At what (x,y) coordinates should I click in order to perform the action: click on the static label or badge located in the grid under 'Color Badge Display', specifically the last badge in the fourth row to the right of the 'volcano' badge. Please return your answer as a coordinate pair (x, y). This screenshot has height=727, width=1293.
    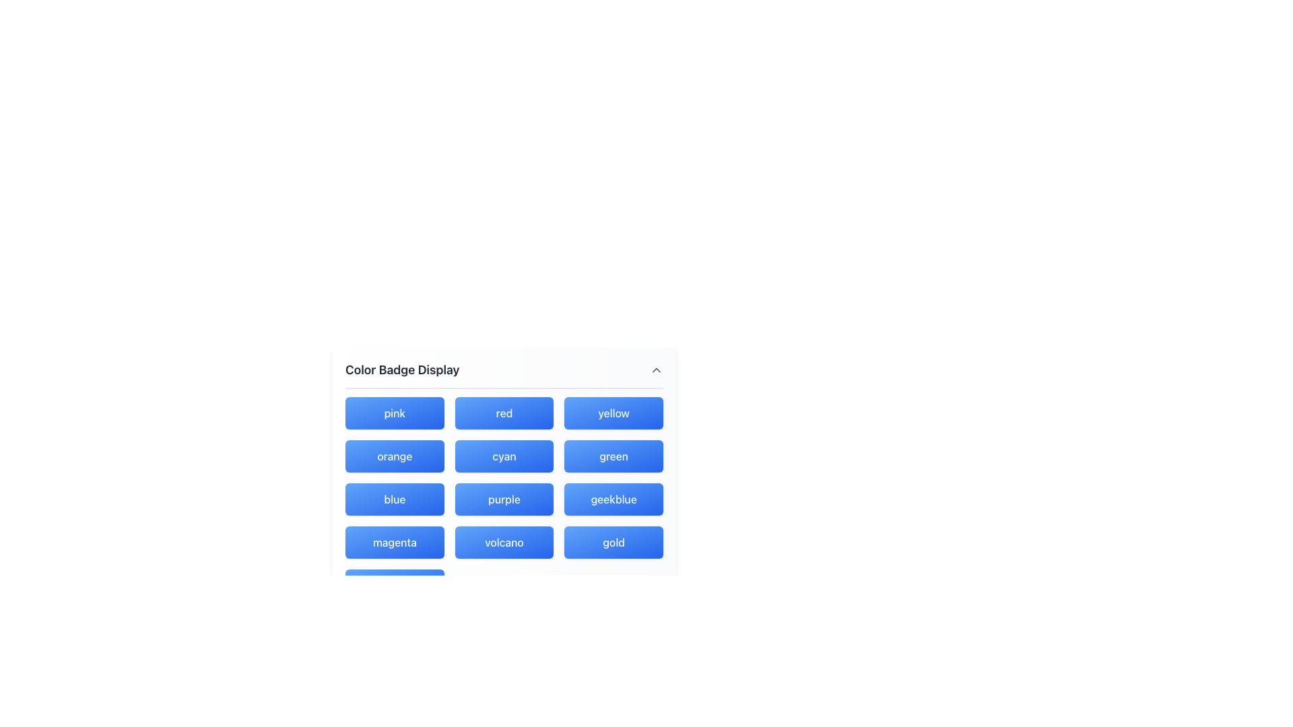
    Looking at the image, I should click on (613, 542).